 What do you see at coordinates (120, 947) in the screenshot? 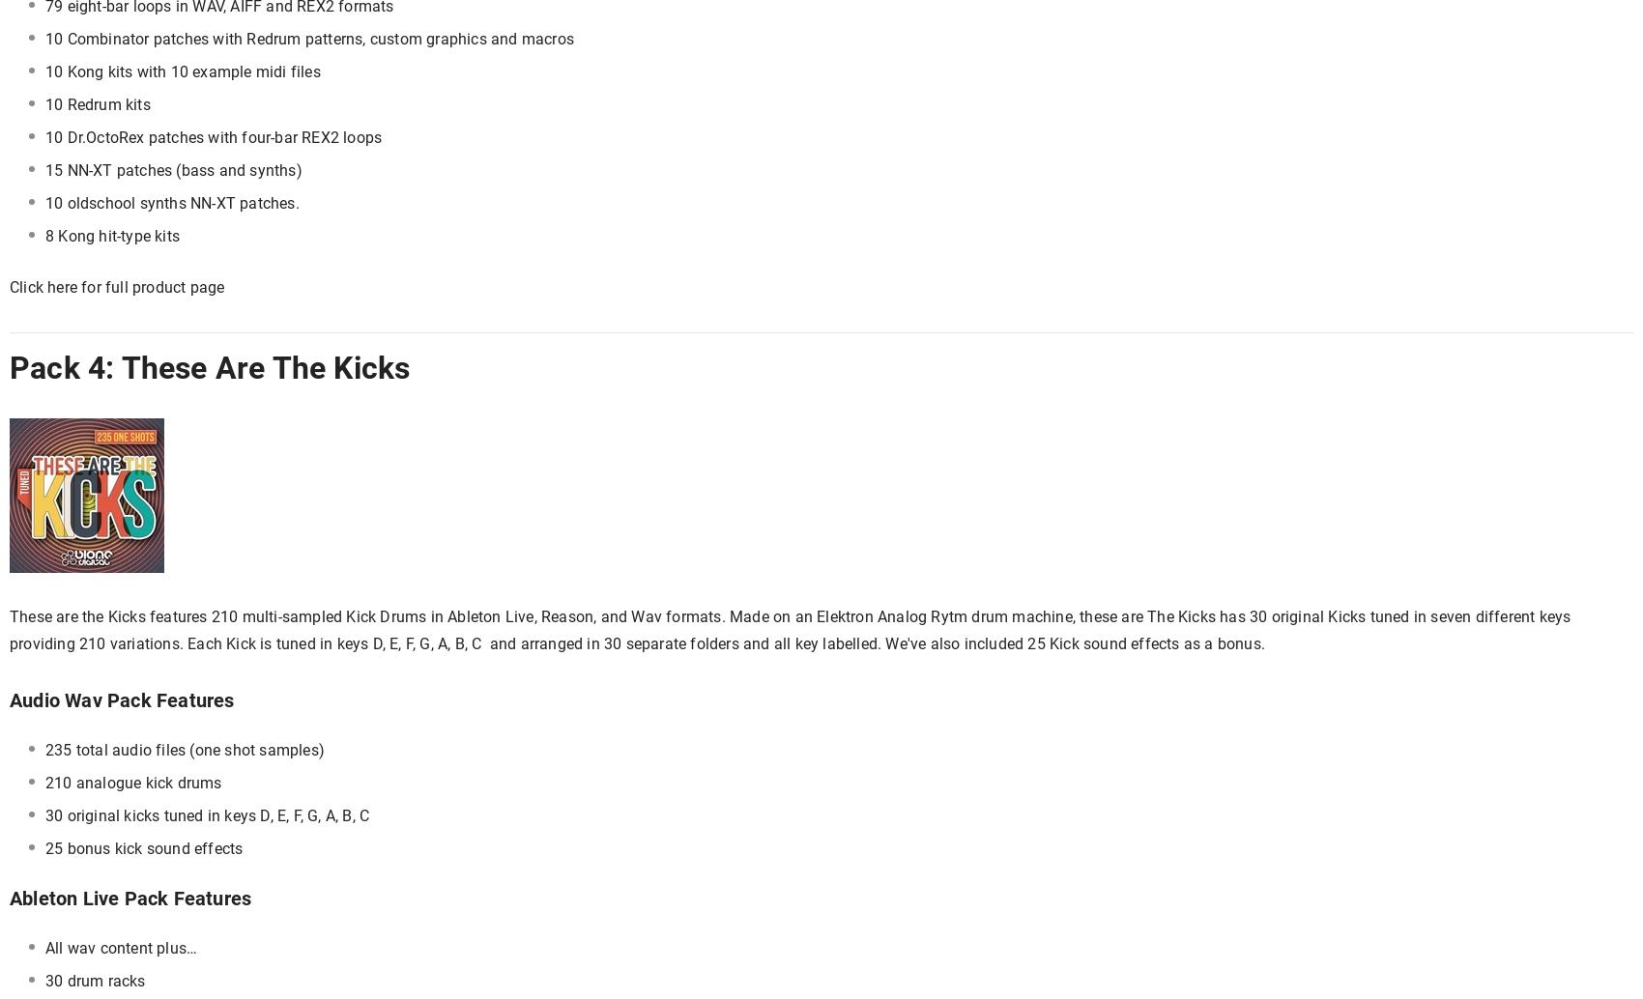
I see `'All wav content plus…'` at bounding box center [120, 947].